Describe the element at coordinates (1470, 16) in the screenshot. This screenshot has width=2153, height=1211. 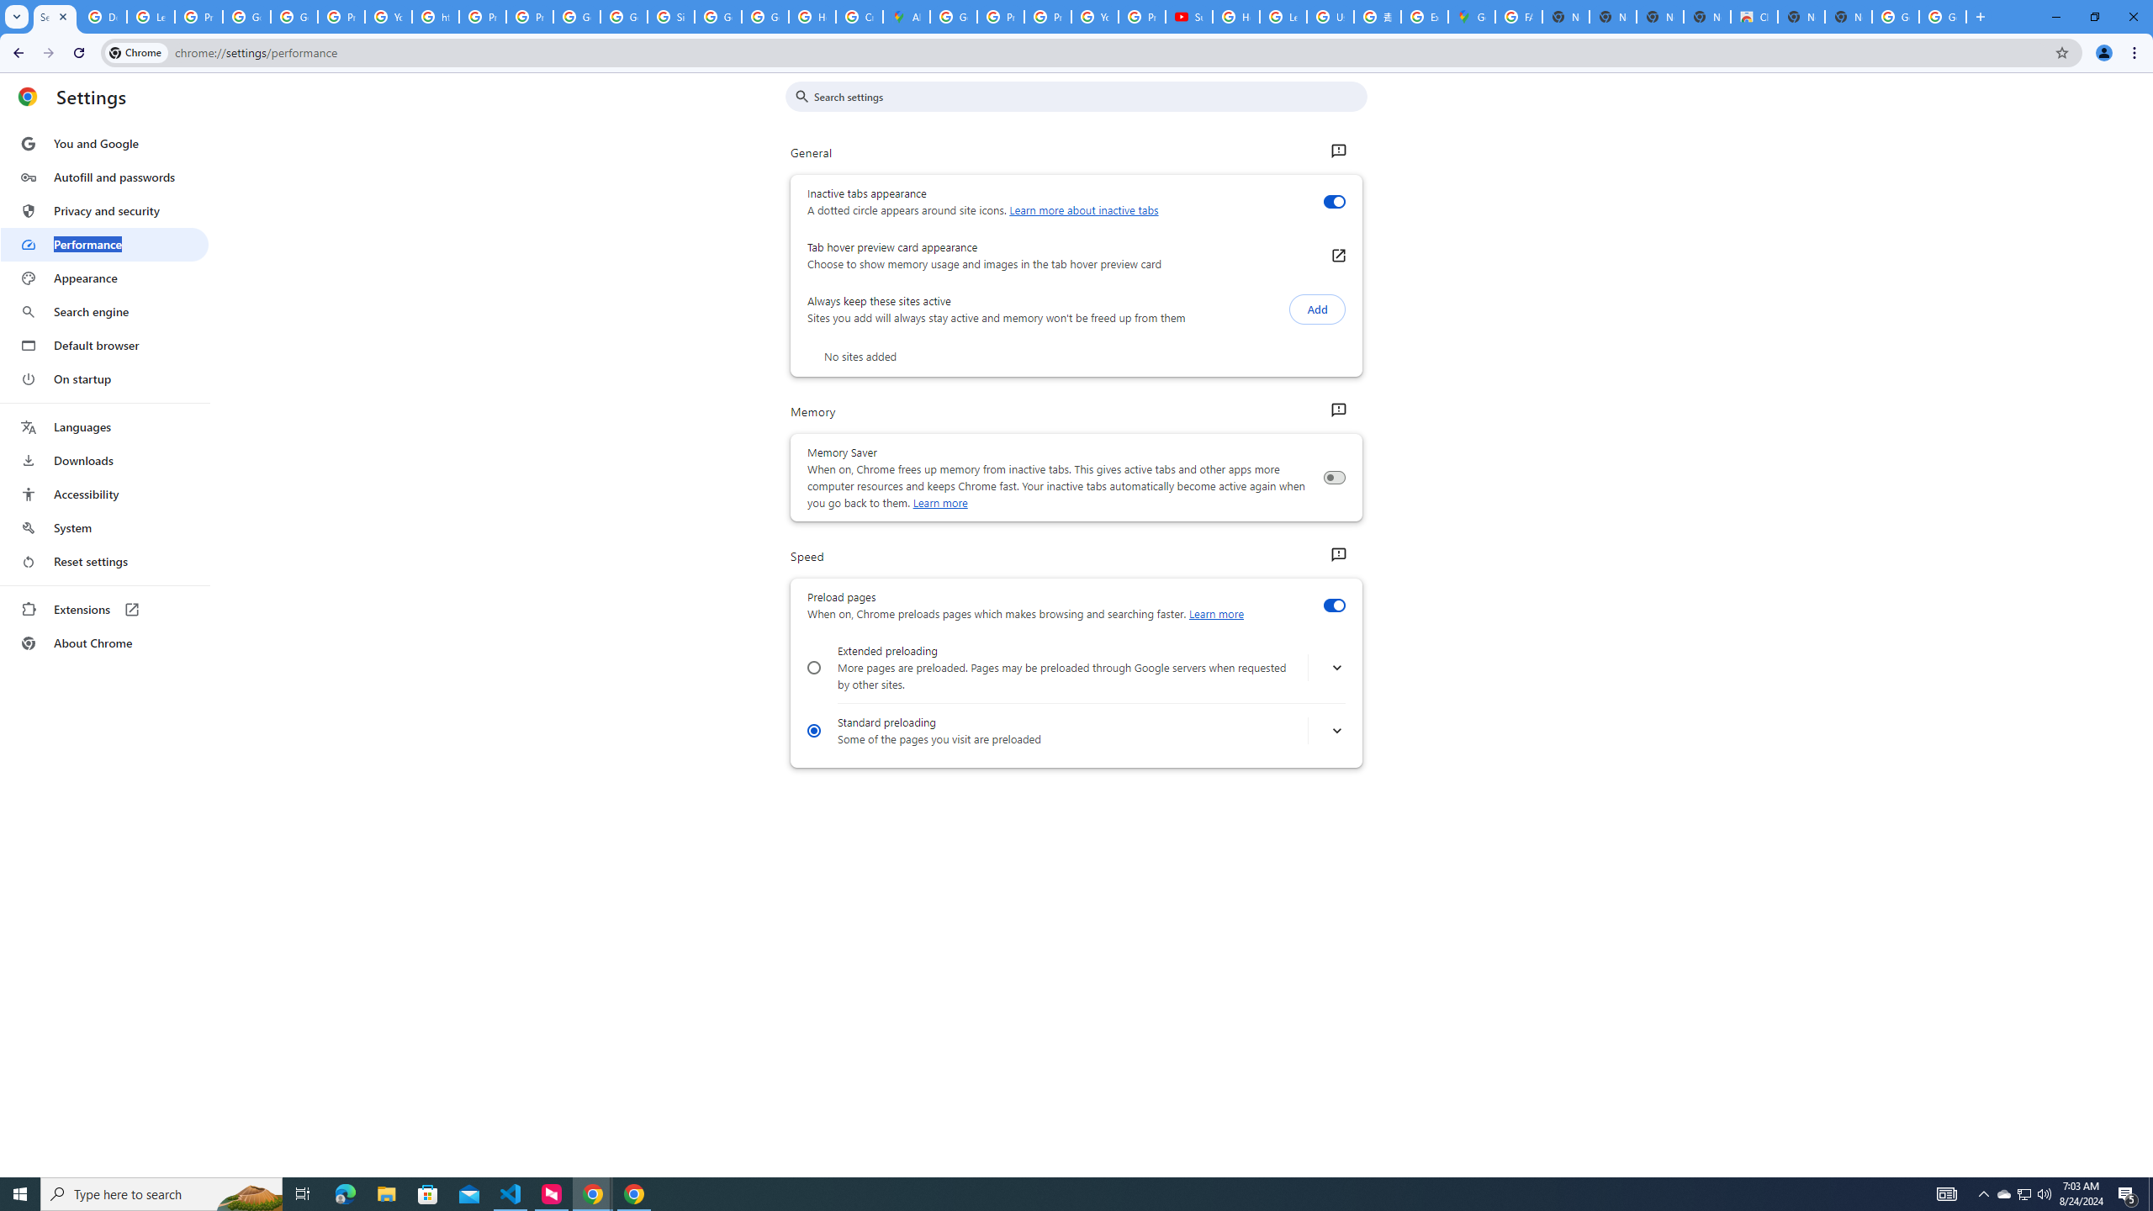
I see `'Google Maps'` at that location.